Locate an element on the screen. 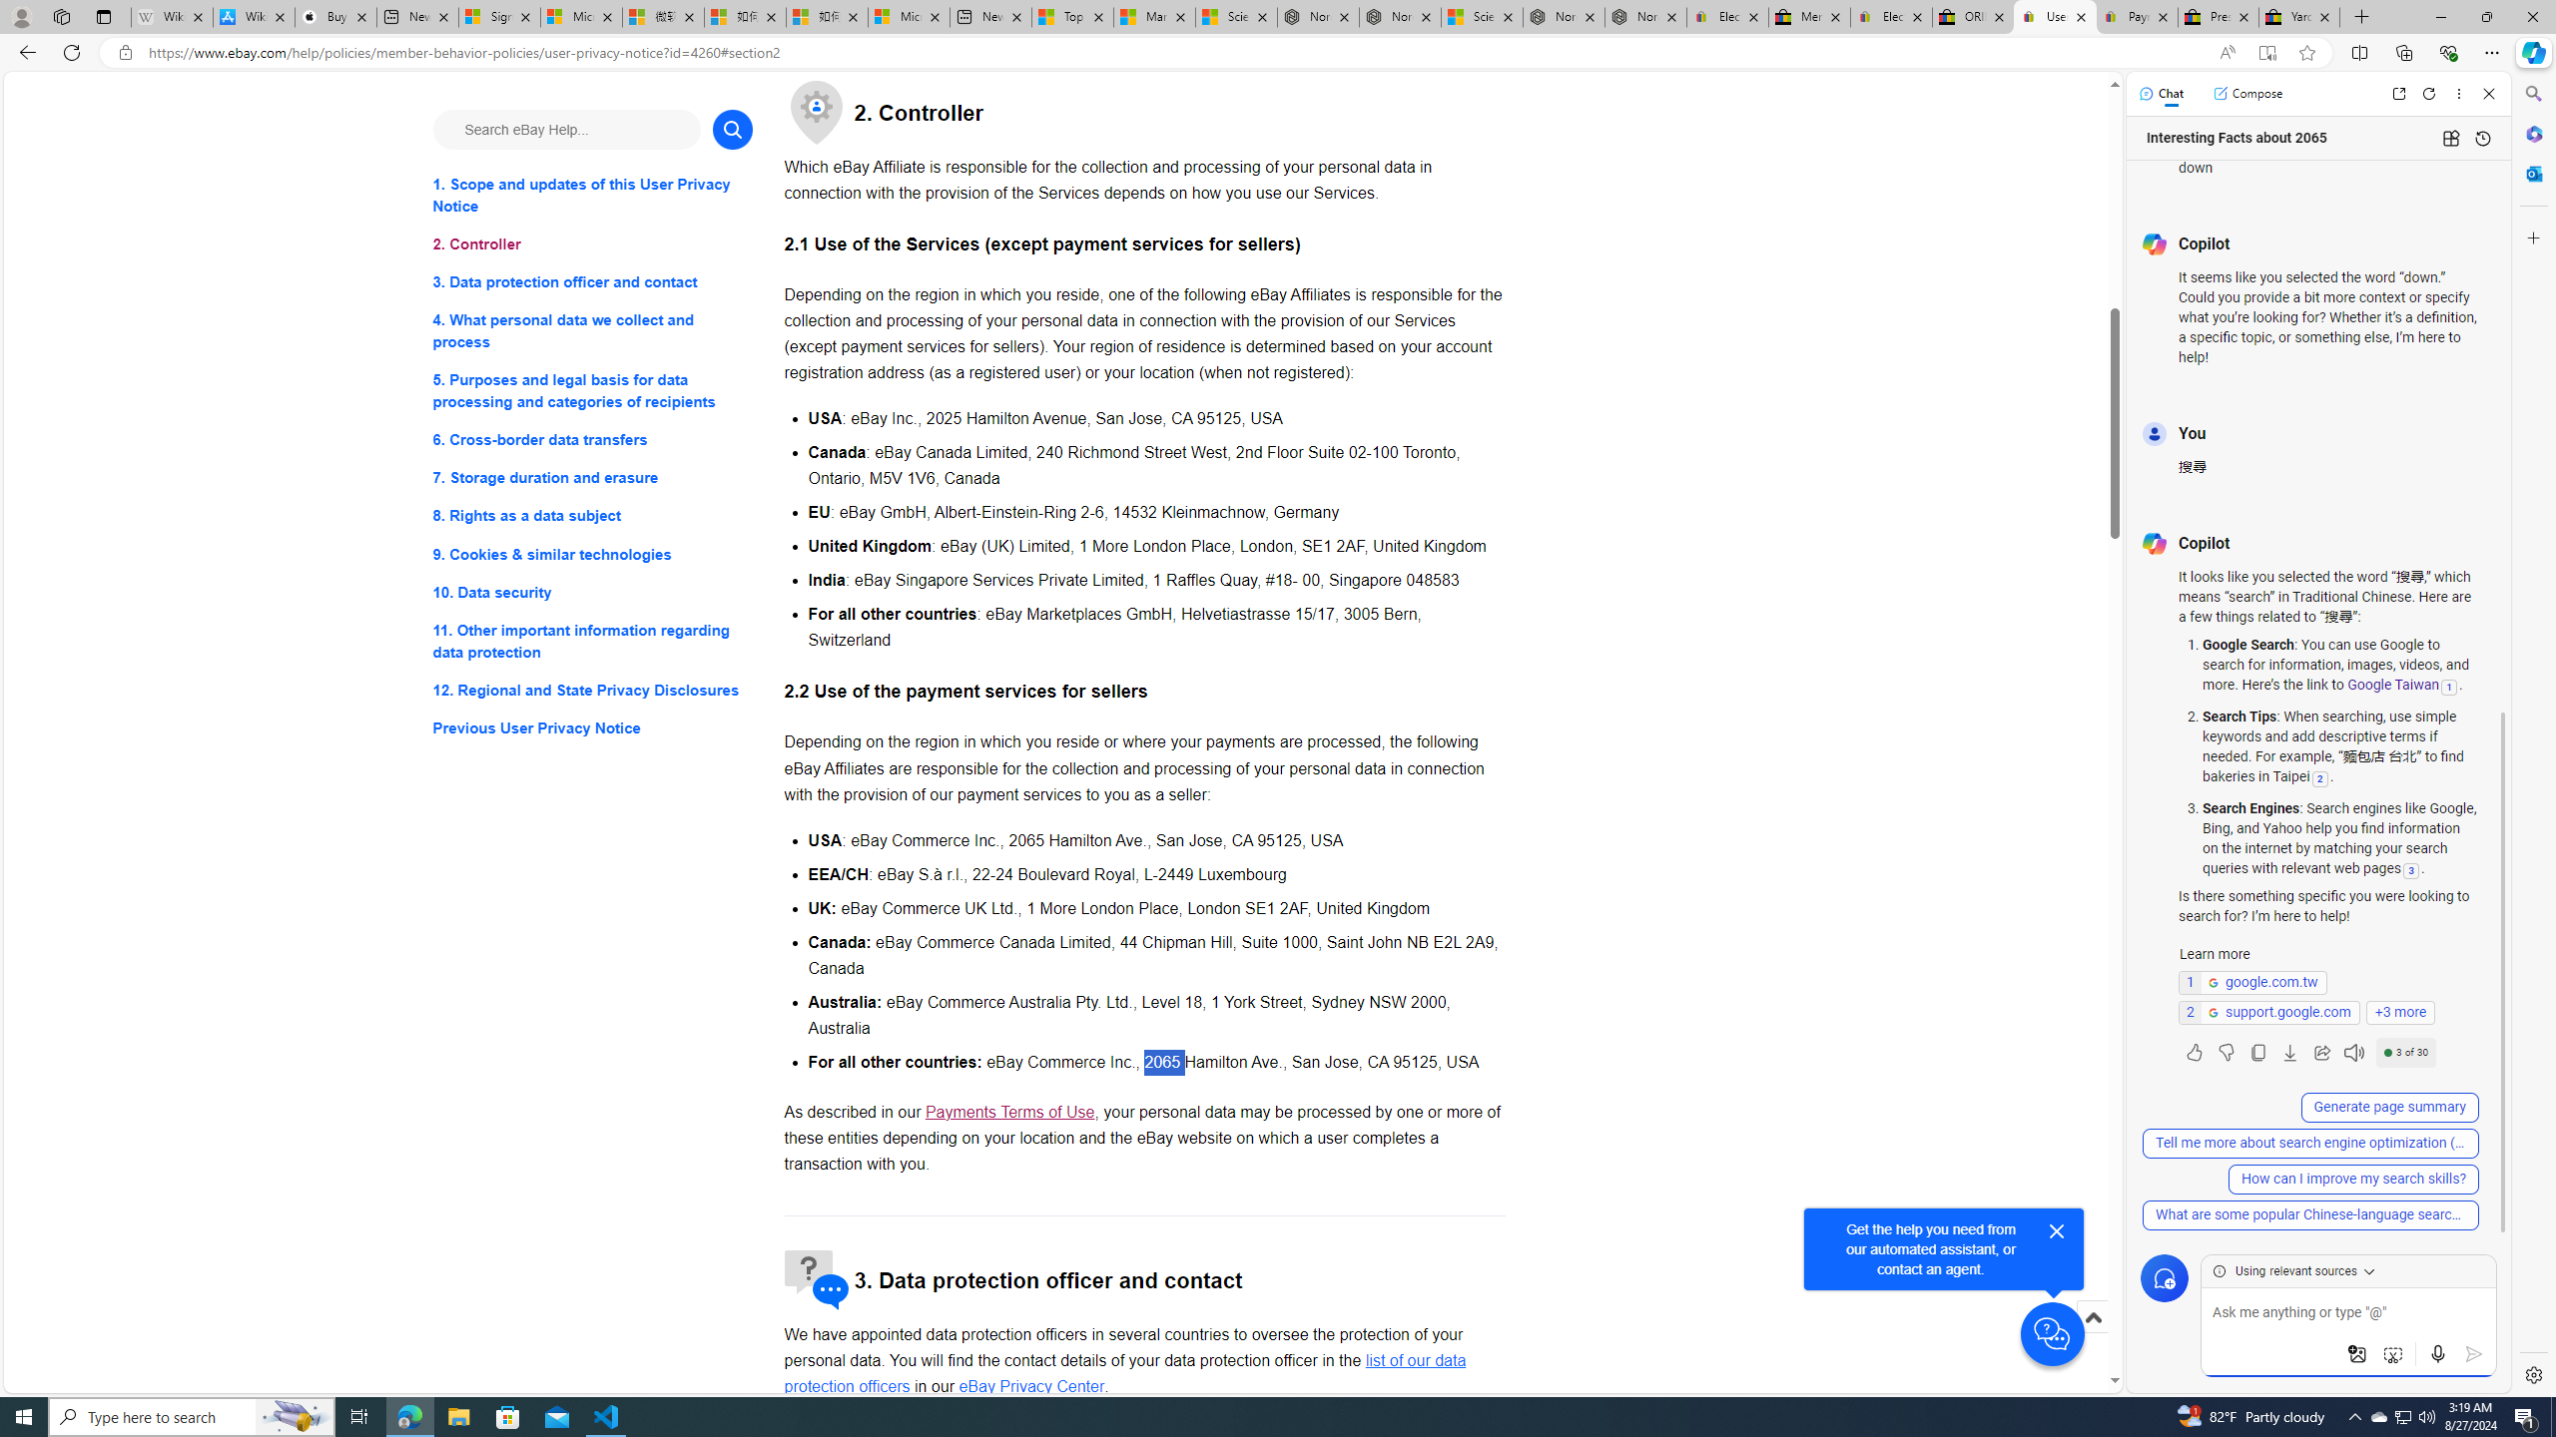  'Browser essentials' is located at coordinates (2447, 51).